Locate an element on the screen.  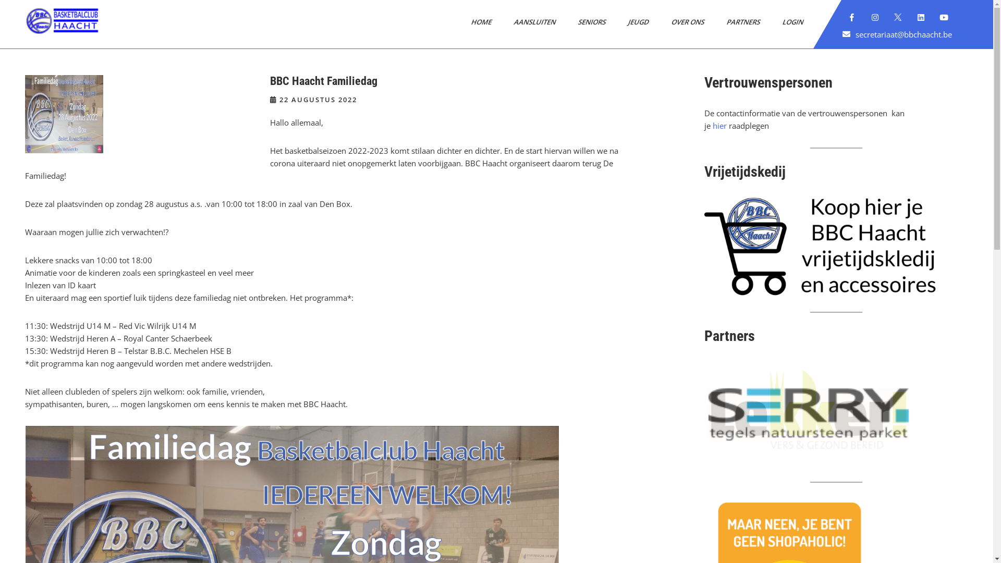
'OVER ONS' is located at coordinates (684, 22).